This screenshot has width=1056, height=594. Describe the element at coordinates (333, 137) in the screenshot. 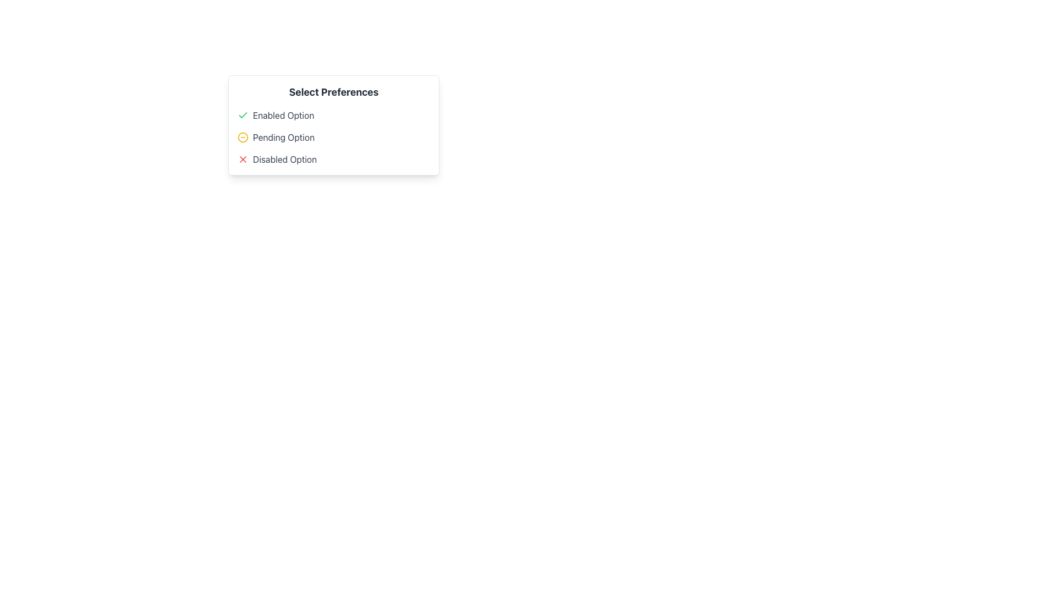

I see `the second item in the vertical list of options labeled 'Select Preferences', which is currently marked as pending or indeterminate, to interact with the option` at that location.